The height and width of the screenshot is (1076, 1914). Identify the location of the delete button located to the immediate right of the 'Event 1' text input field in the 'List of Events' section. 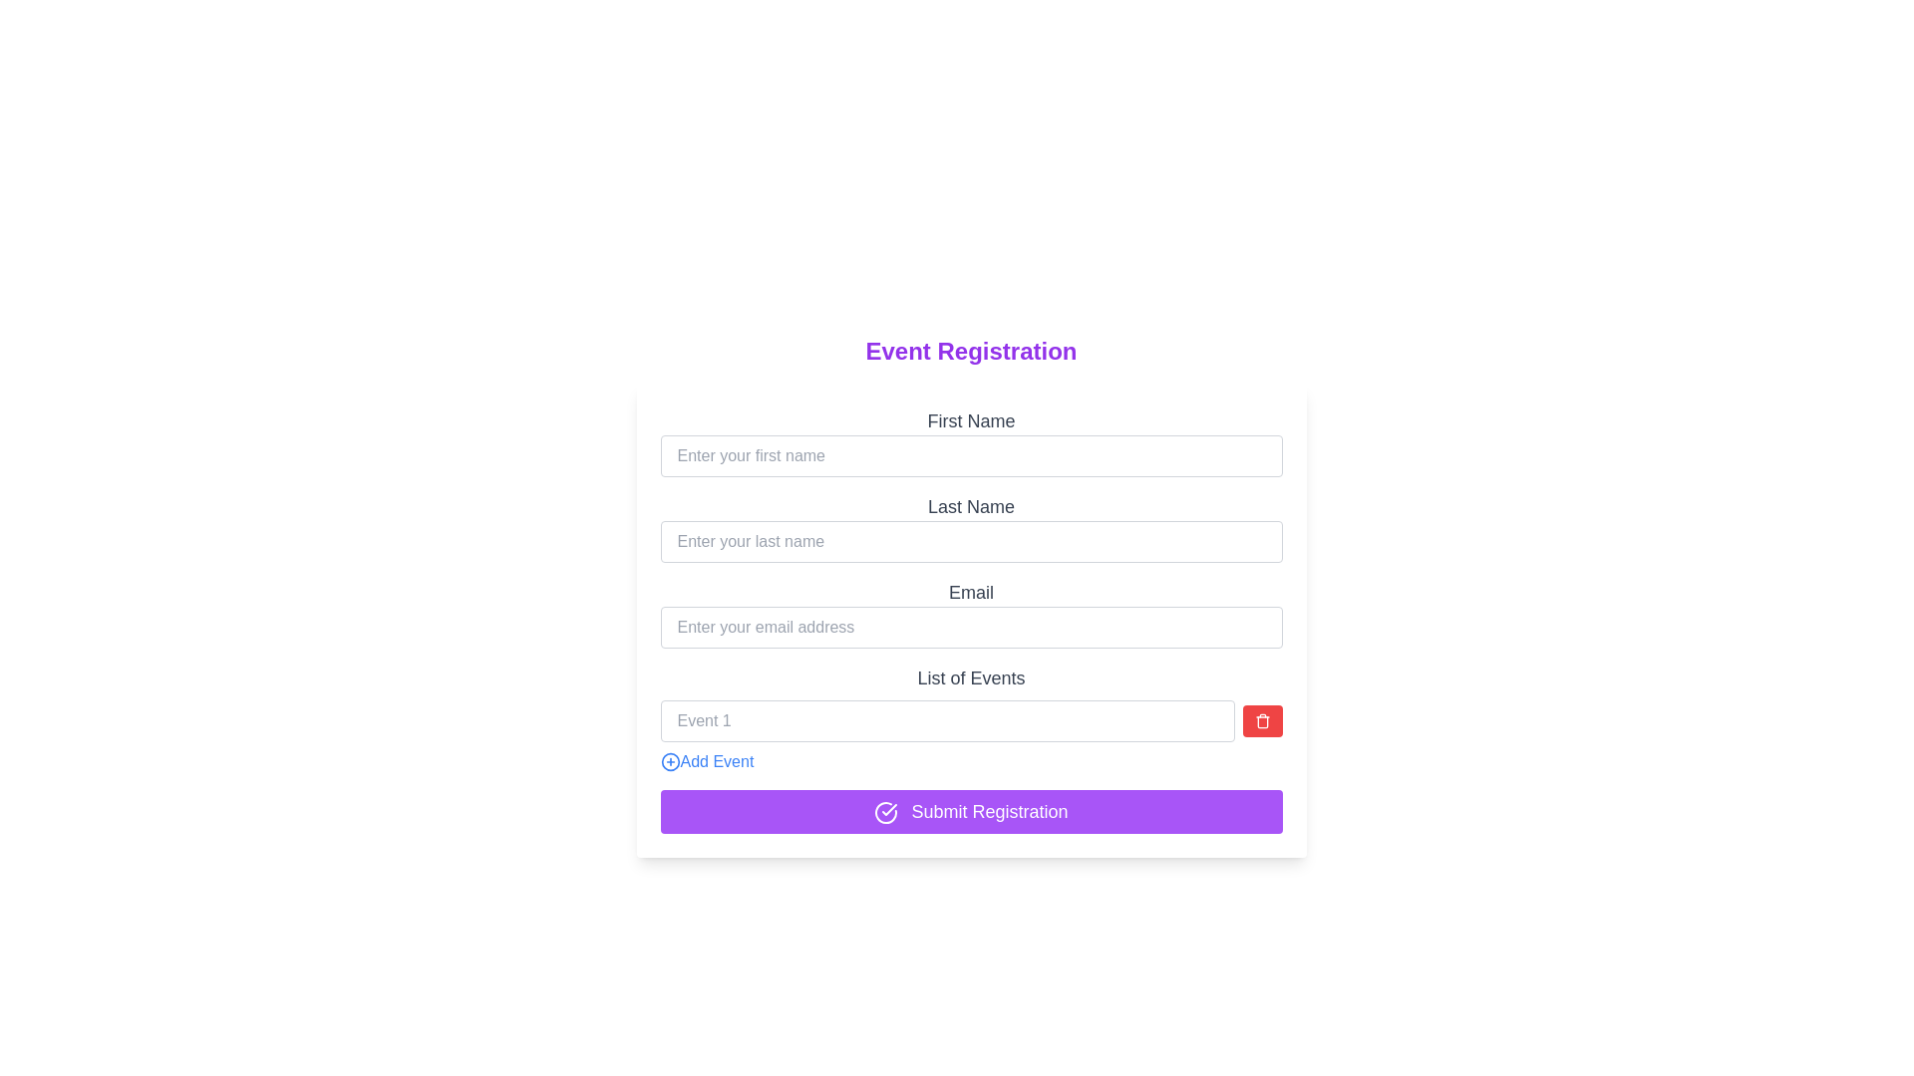
(1261, 721).